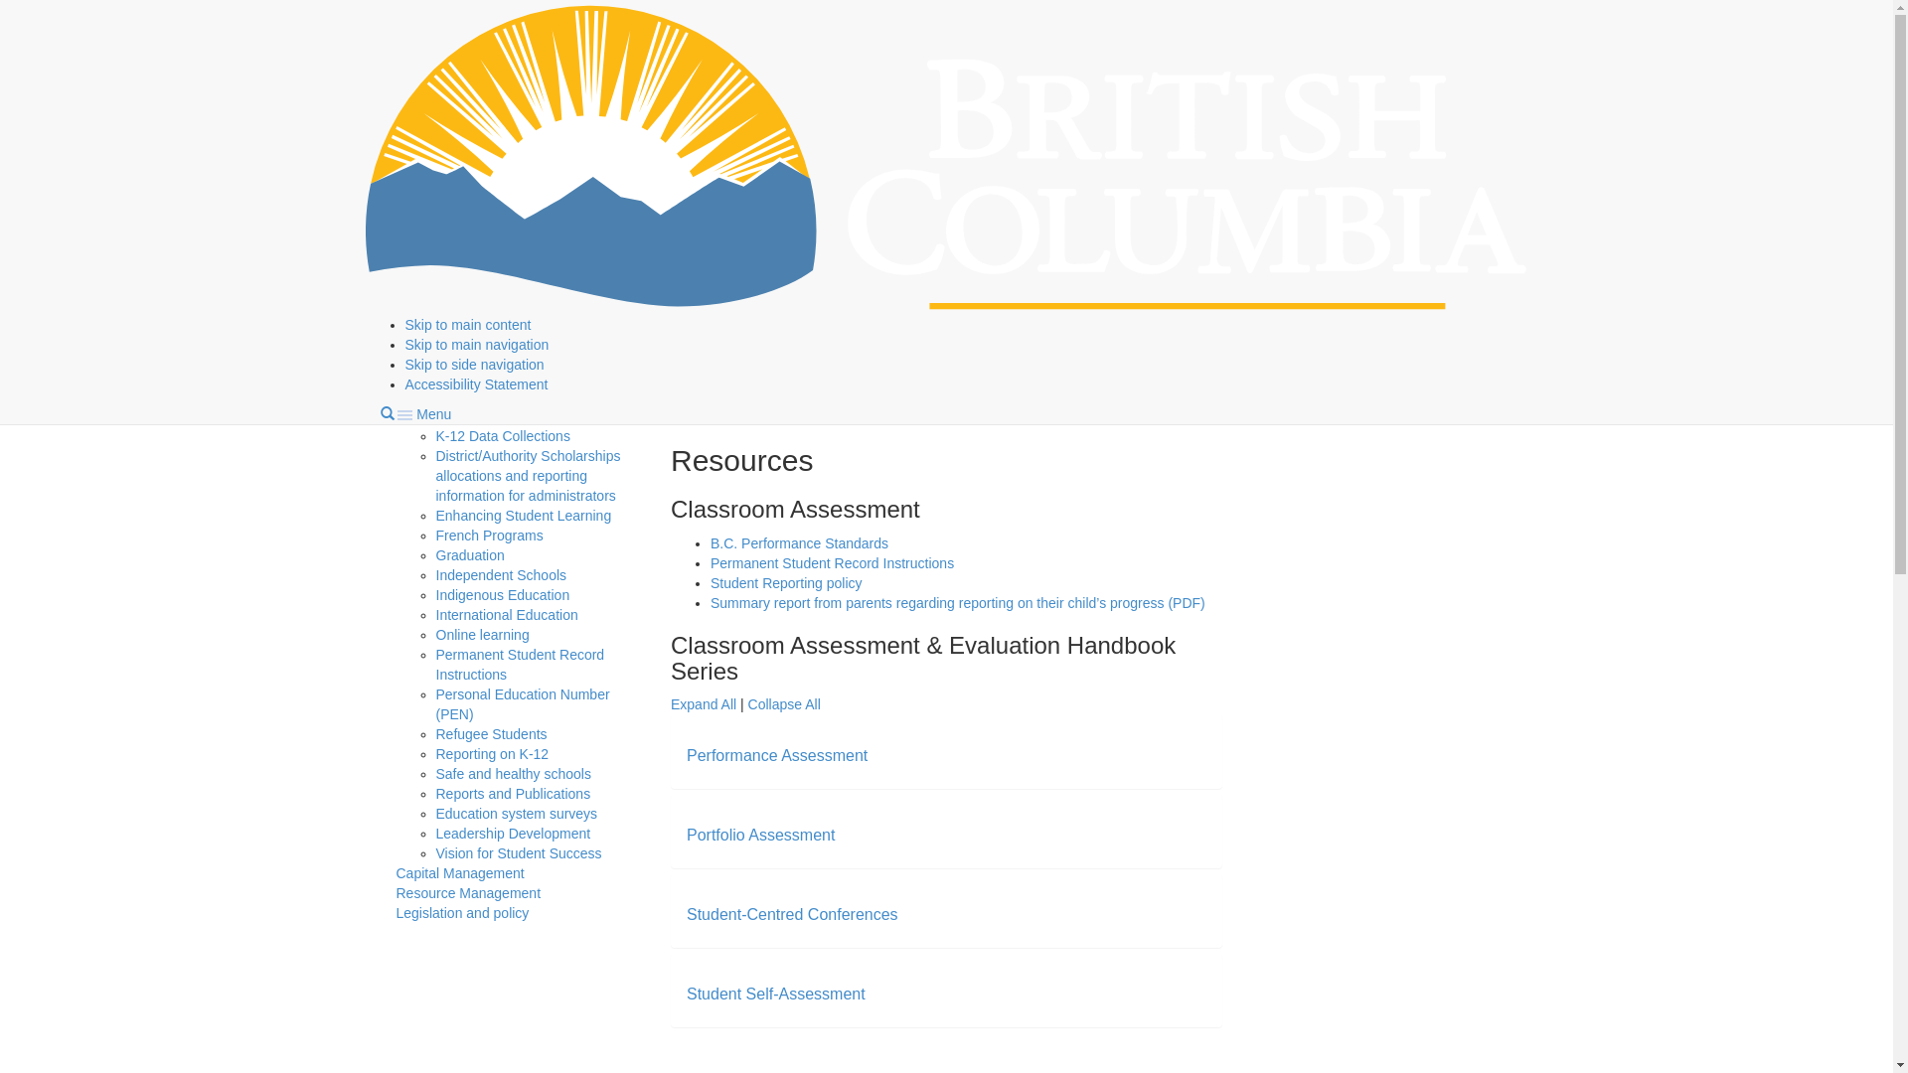 Image resolution: width=1908 pixels, height=1073 pixels. Describe the element at coordinates (466, 891) in the screenshot. I see `'Resource Management'` at that location.